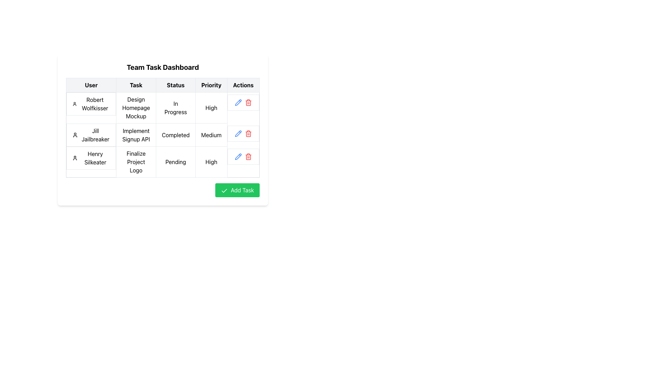  Describe the element at coordinates (136, 162) in the screenshot. I see `the Static Text Label displaying 'Finalize Project Logo' in the third row of the task table for user 'Henry Silkeater'` at that location.